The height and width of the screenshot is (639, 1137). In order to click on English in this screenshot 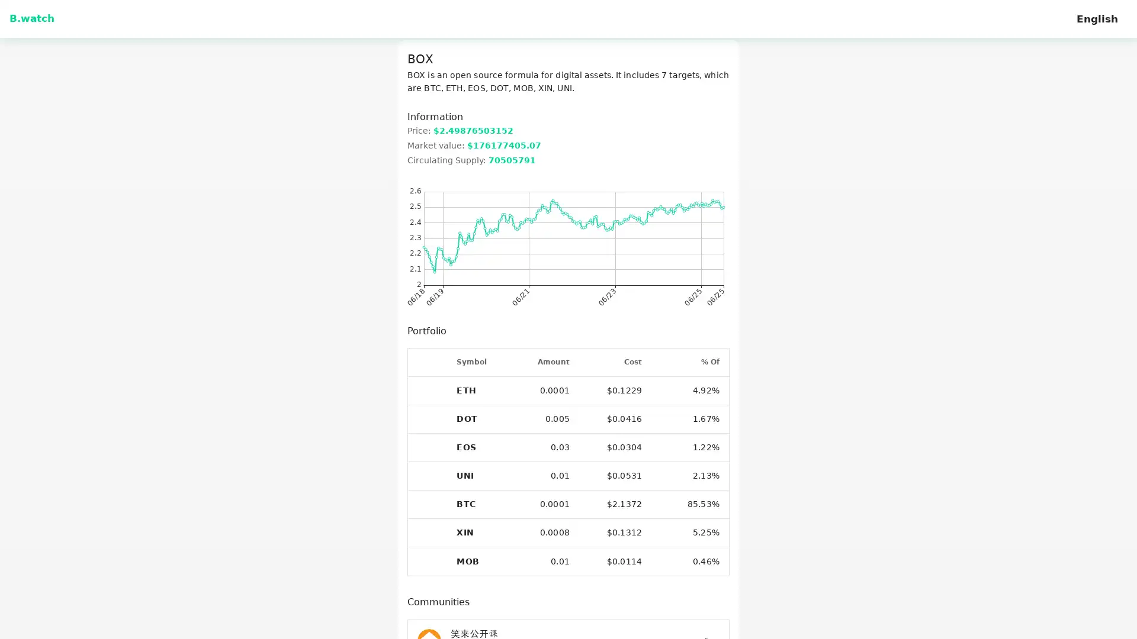, I will do `click(1096, 18)`.